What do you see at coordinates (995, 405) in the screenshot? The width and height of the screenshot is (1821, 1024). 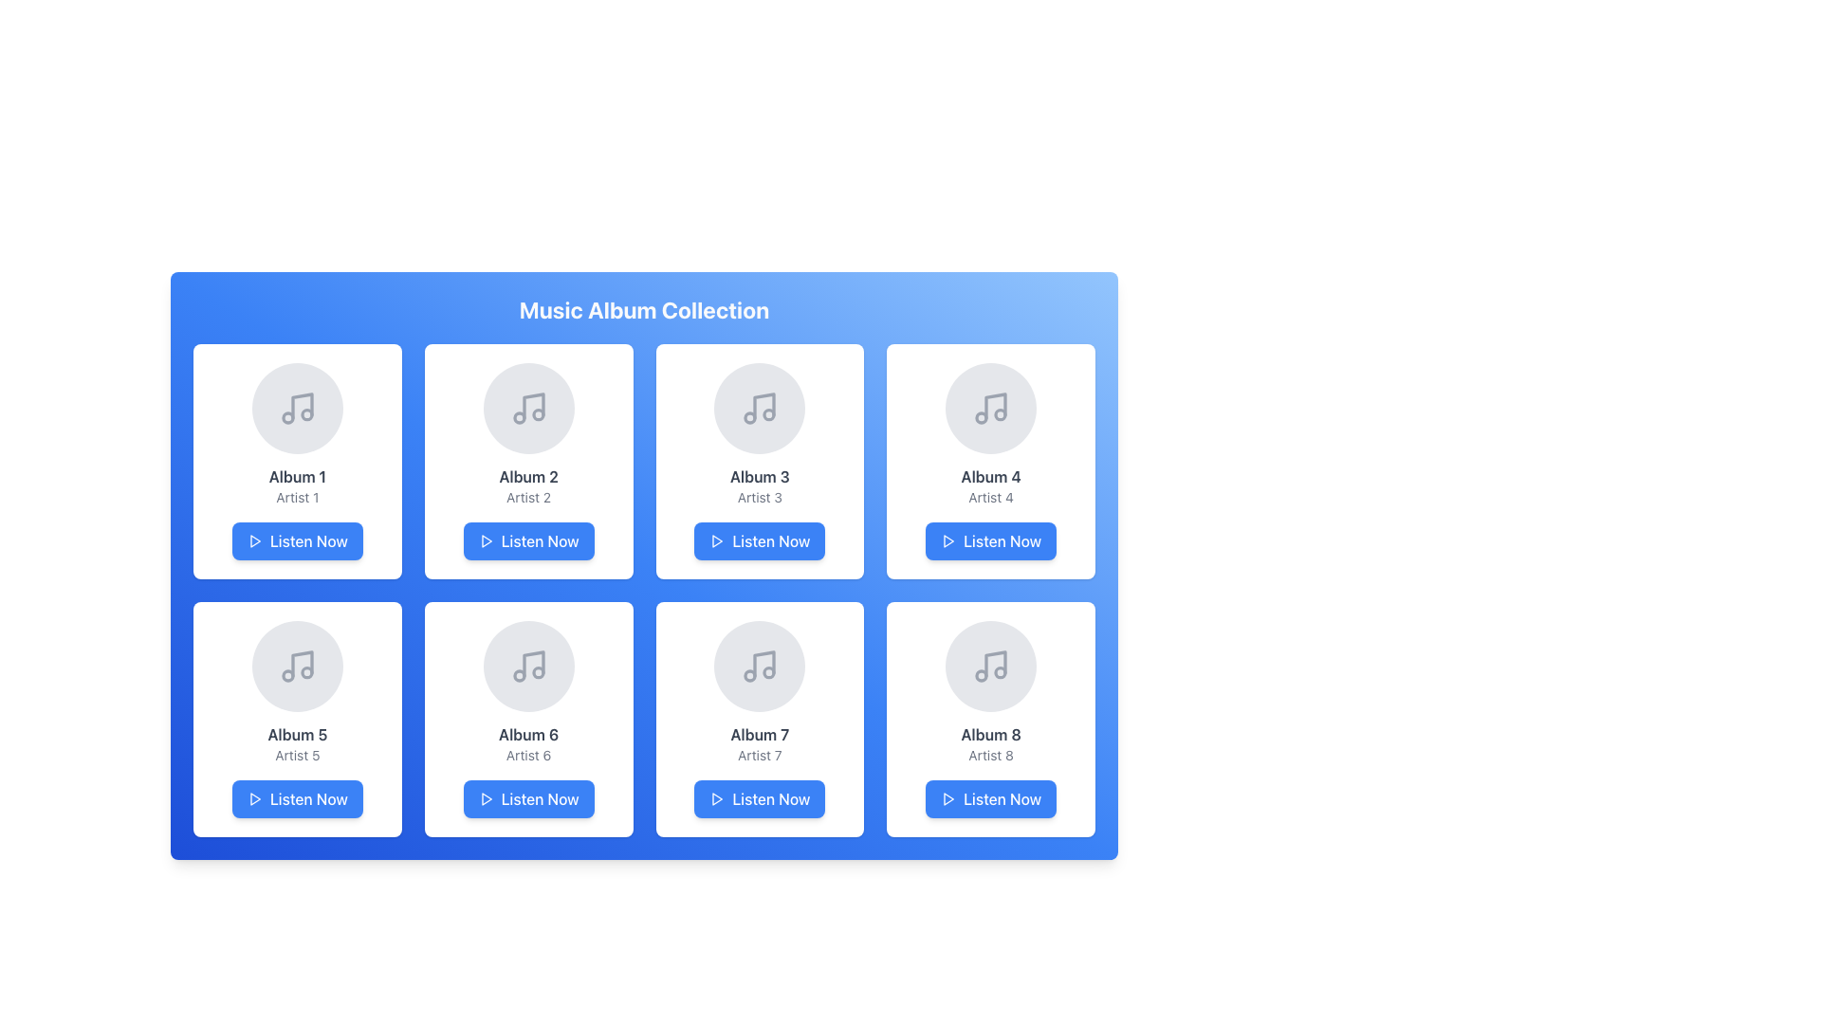 I see `the musical note icon within the fourth album card in the grid layout, located in the second row and second column of the grid` at bounding box center [995, 405].